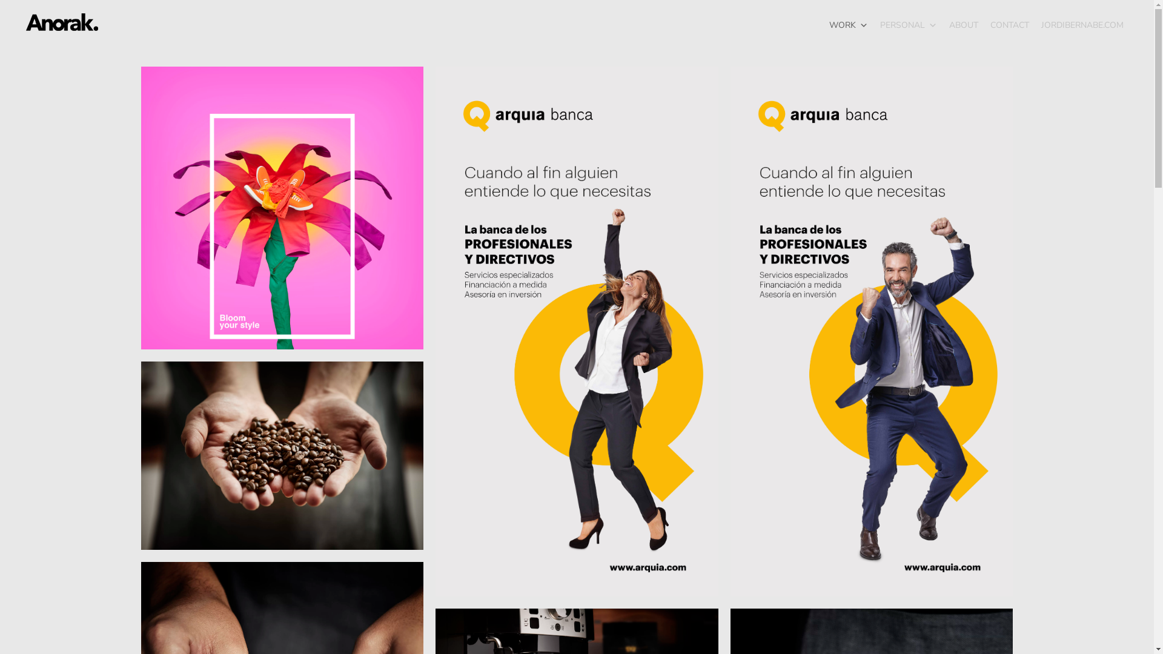 Image resolution: width=1163 pixels, height=654 pixels. What do you see at coordinates (848, 25) in the screenshot?
I see `'WORK'` at bounding box center [848, 25].